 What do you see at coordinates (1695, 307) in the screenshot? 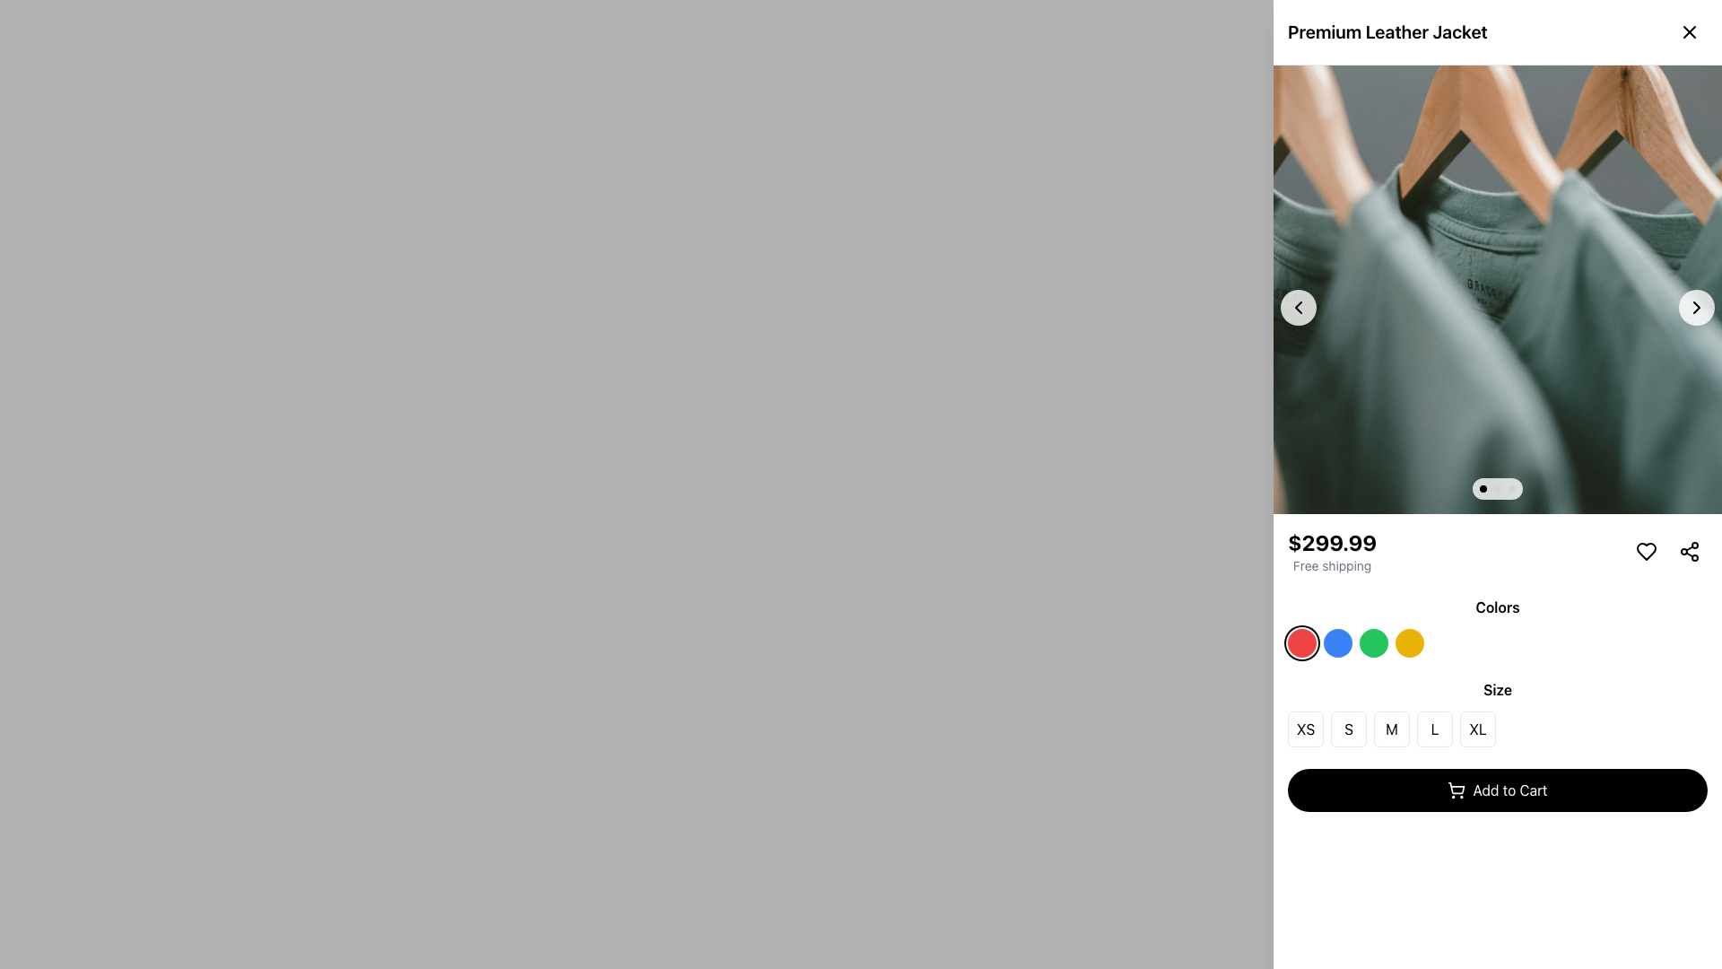
I see `the right navigation button located on the right side of the image, vertically centered` at bounding box center [1695, 307].